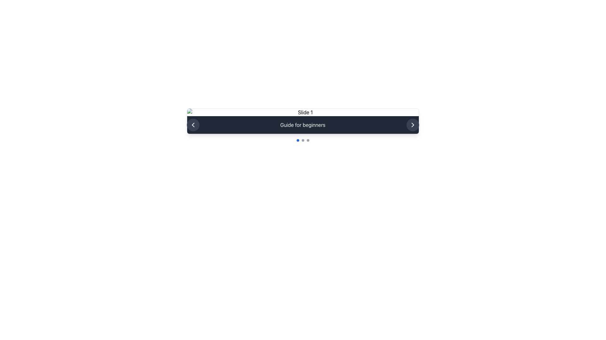  I want to click on the right-pointing arrow icon button on the right end of the horizontal navigation bar, so click(413, 125).